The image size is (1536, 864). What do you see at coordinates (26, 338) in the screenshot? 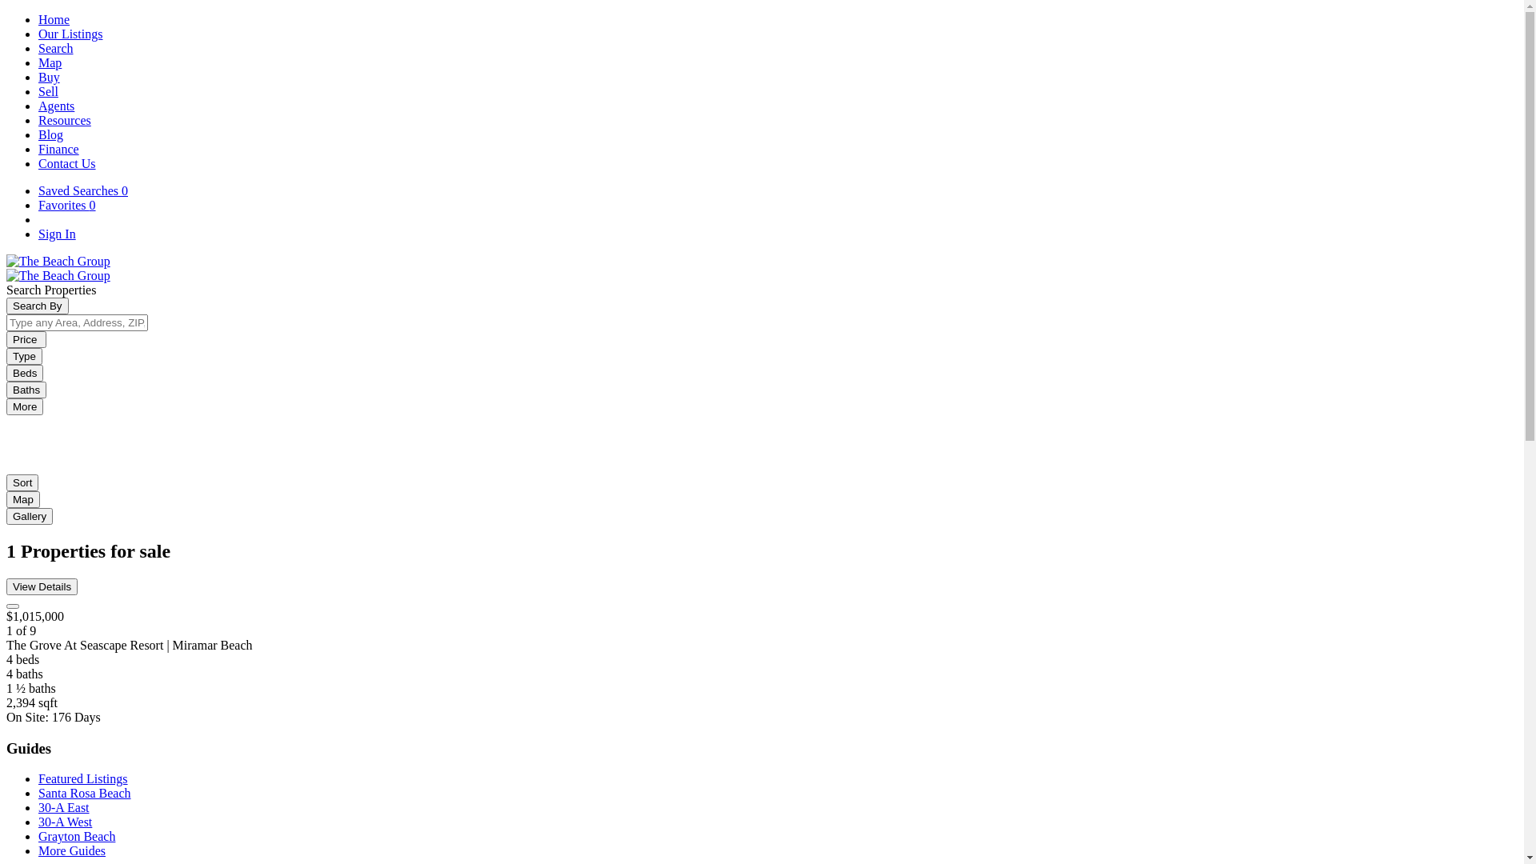
I see `'Price '` at bounding box center [26, 338].